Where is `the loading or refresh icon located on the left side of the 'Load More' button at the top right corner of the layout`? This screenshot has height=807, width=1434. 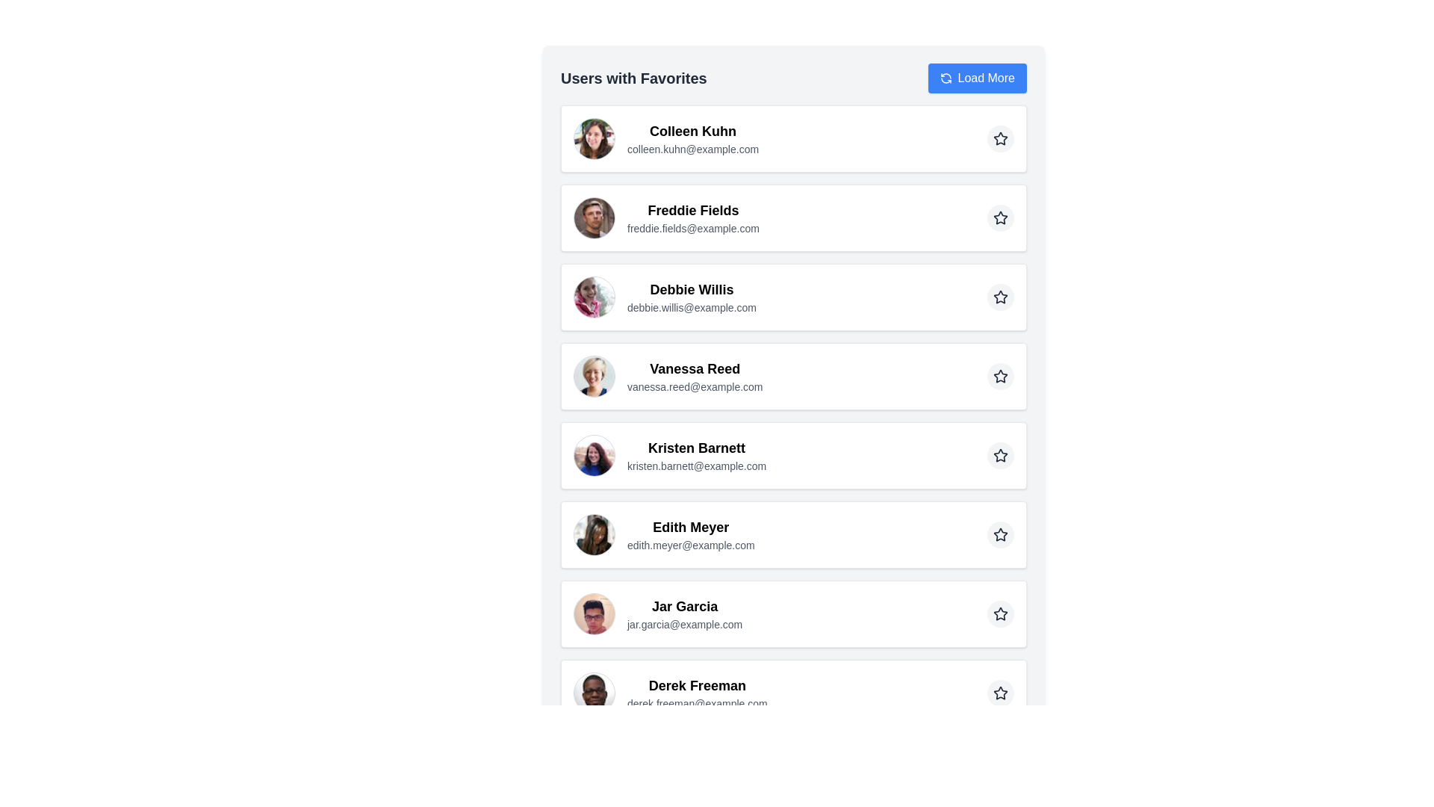 the loading or refresh icon located on the left side of the 'Load More' button at the top right corner of the layout is located at coordinates (945, 78).